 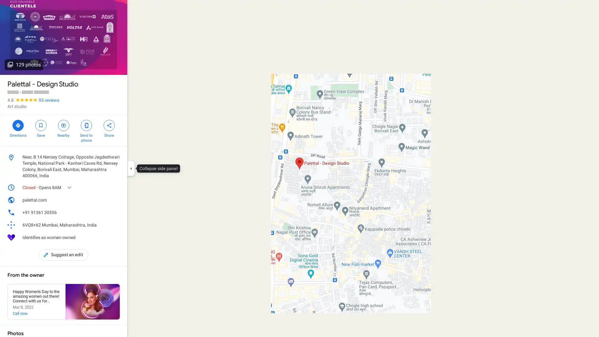 What do you see at coordinates (117, 200) in the screenshot?
I see `Copy website` at bounding box center [117, 200].